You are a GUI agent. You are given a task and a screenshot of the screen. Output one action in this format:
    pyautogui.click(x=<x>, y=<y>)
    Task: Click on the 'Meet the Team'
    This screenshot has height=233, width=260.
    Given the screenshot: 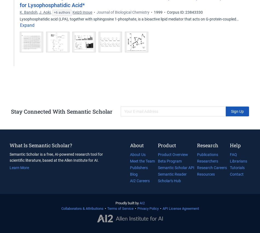 What is the action you would take?
    pyautogui.click(x=142, y=161)
    